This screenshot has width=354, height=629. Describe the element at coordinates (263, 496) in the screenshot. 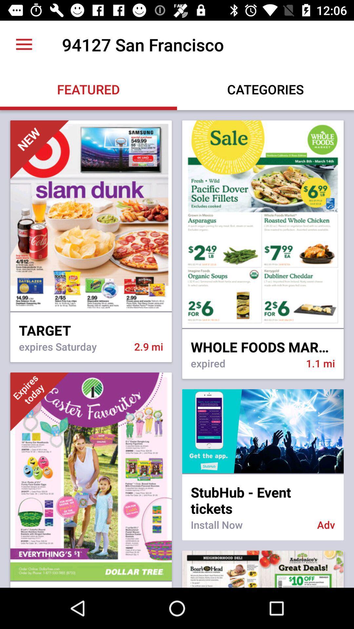

I see `stubhub - event tickets item` at that location.